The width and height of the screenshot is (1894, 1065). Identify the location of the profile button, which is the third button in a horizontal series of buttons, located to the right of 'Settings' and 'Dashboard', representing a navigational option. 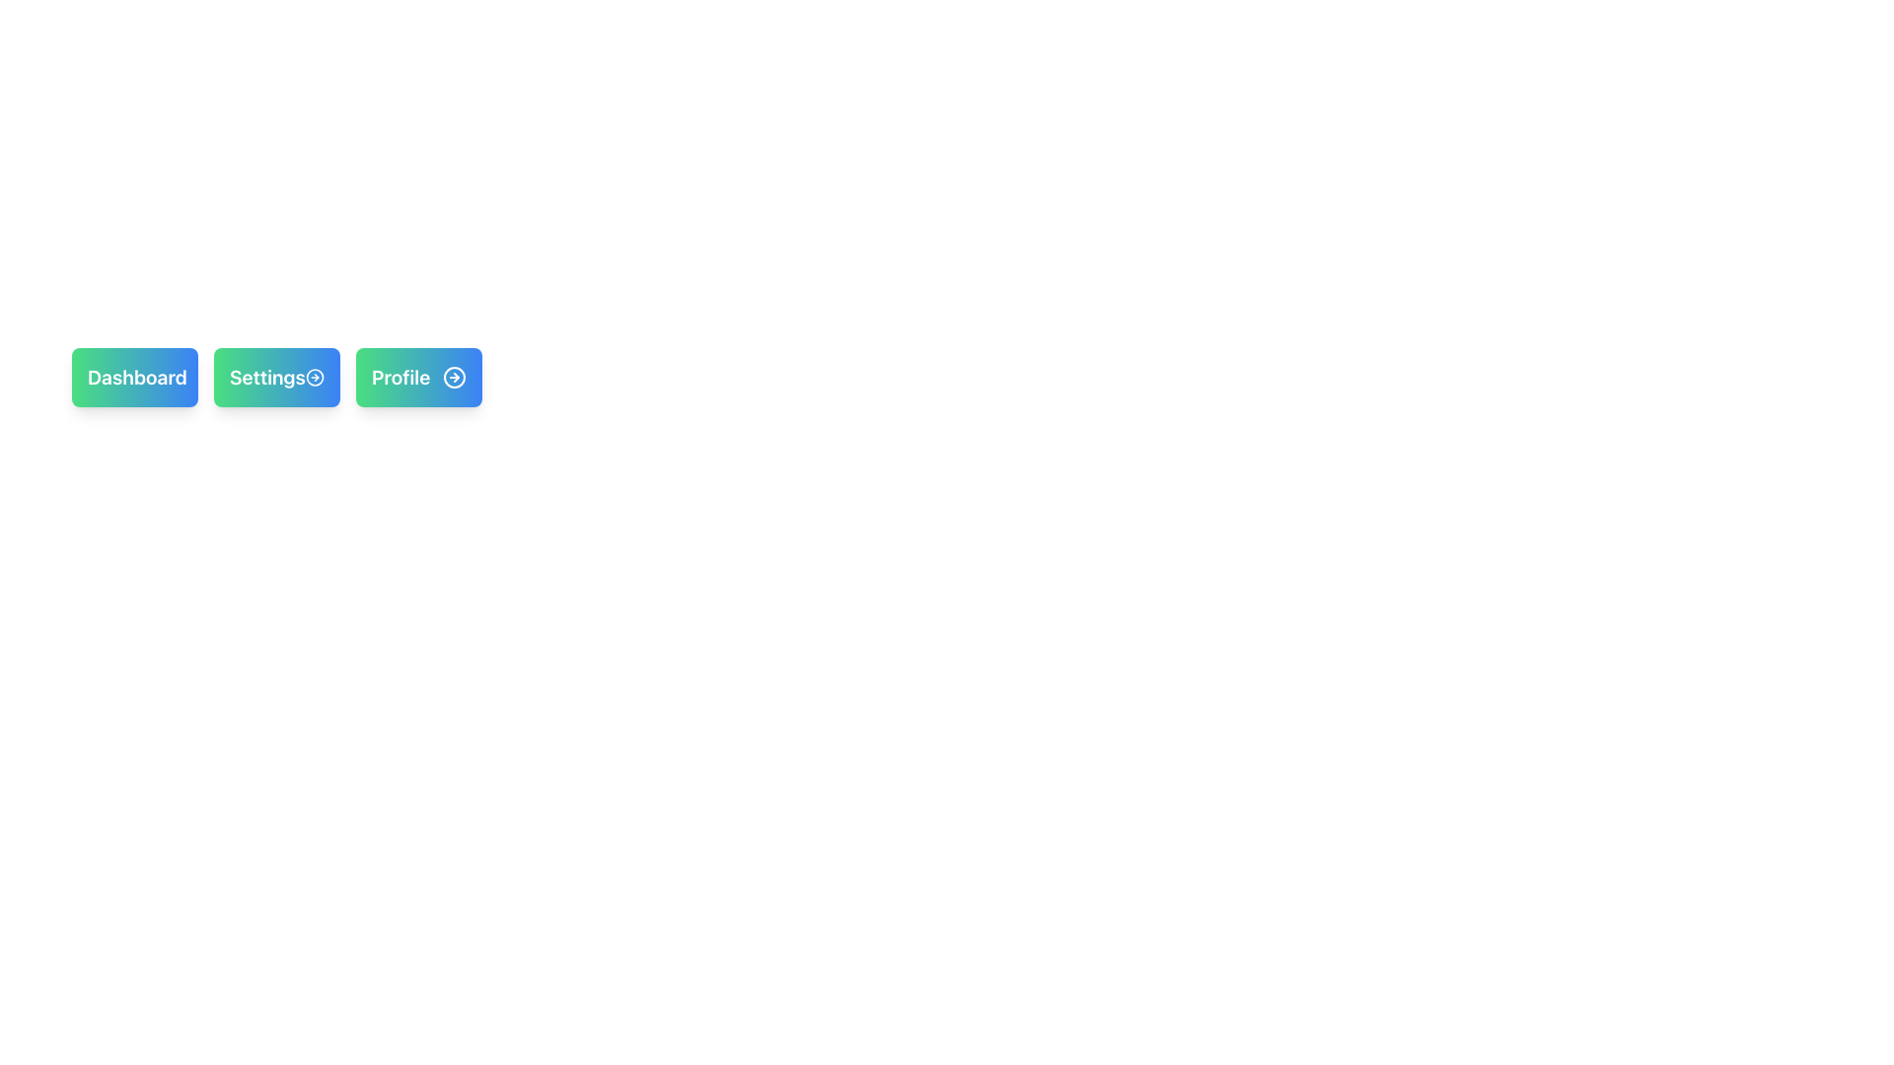
(418, 377).